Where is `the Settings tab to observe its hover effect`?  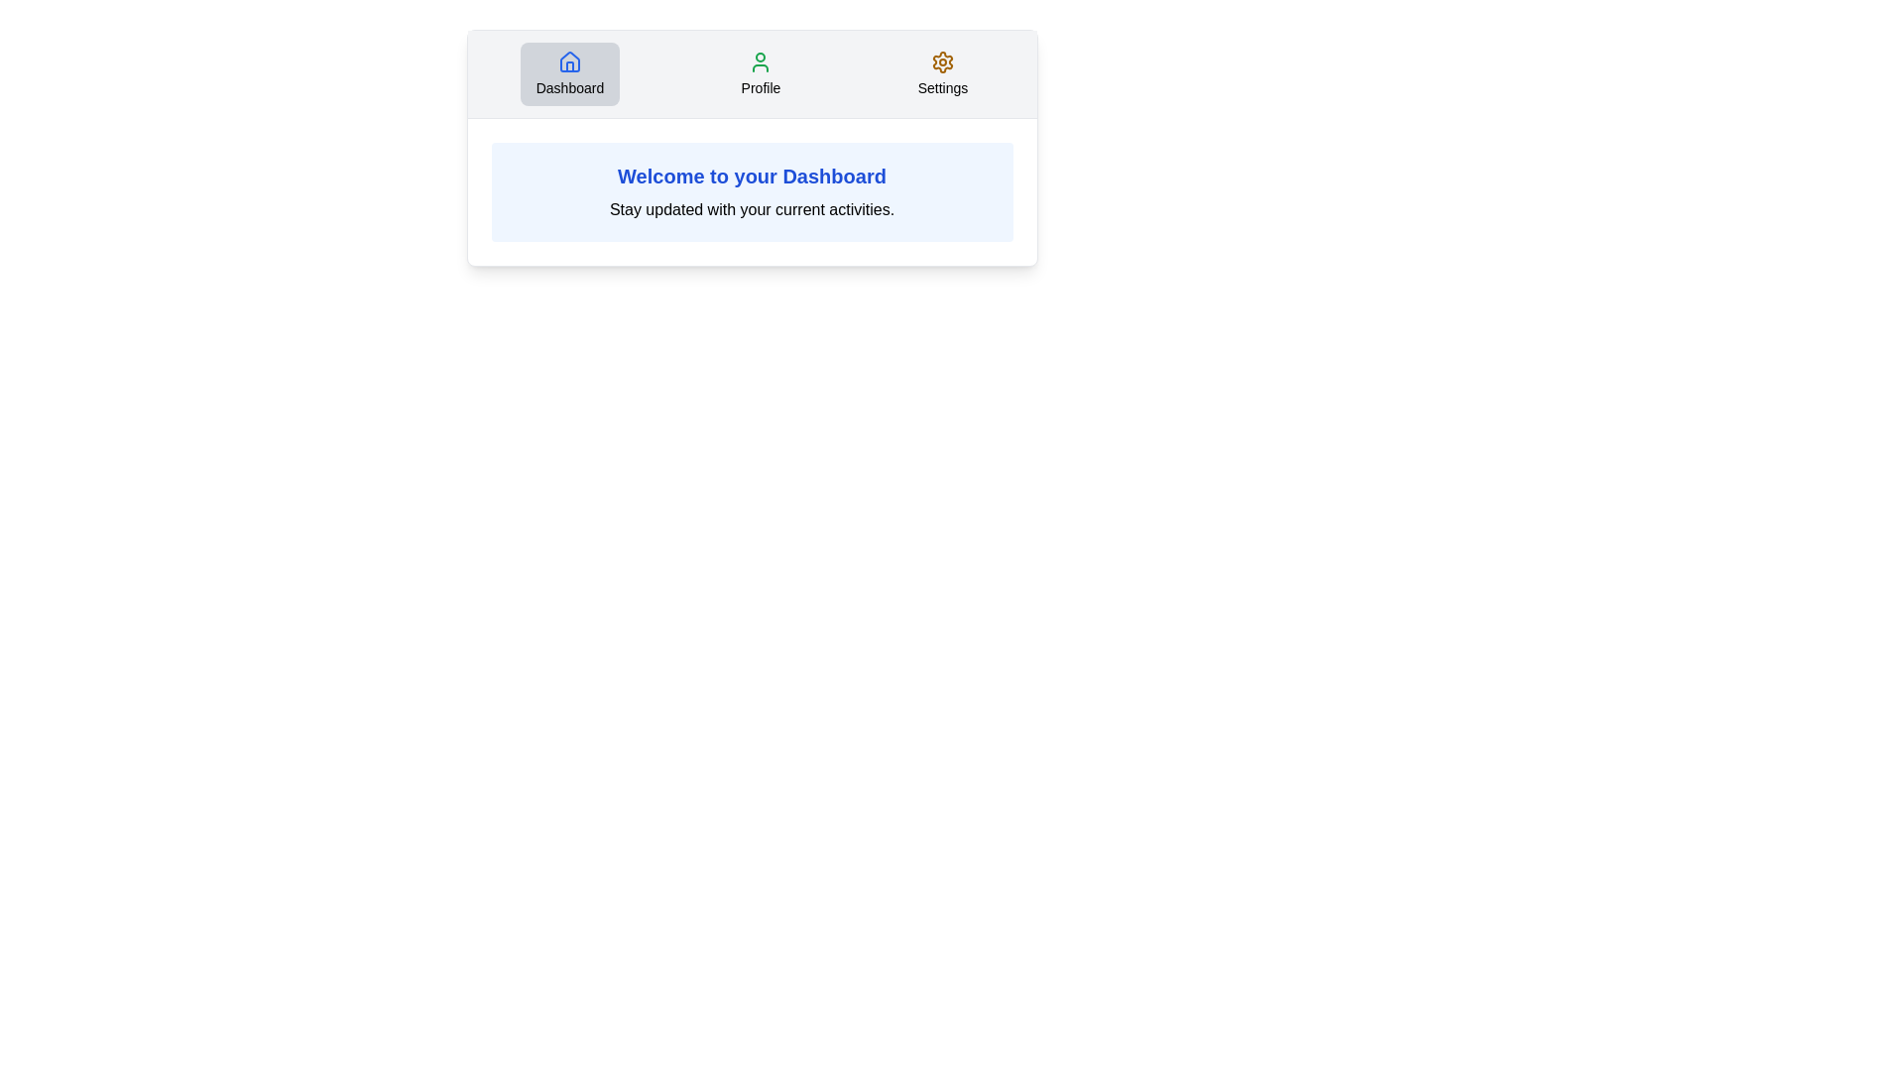 the Settings tab to observe its hover effect is located at coordinates (941, 72).